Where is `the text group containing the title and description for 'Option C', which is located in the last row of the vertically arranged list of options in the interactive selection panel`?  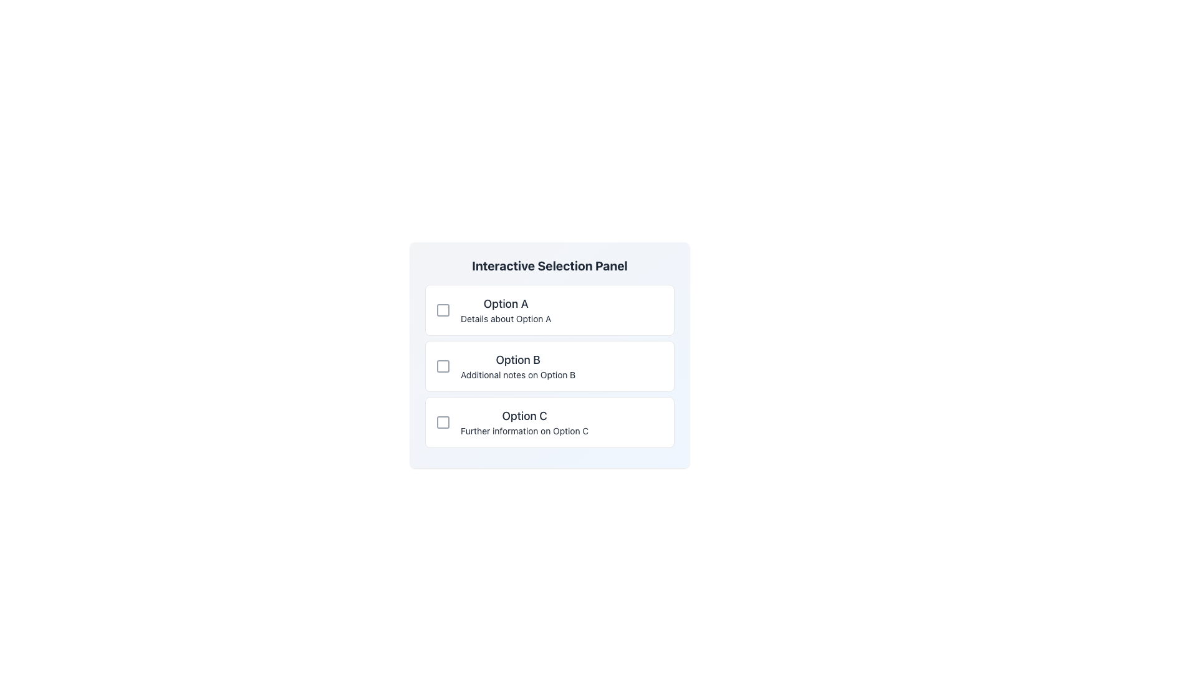 the text group containing the title and description for 'Option C', which is located in the last row of the vertically arranged list of options in the interactive selection panel is located at coordinates (524, 422).